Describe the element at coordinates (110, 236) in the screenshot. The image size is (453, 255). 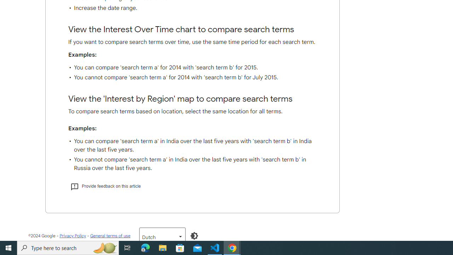
I see `'General terms of use'` at that location.